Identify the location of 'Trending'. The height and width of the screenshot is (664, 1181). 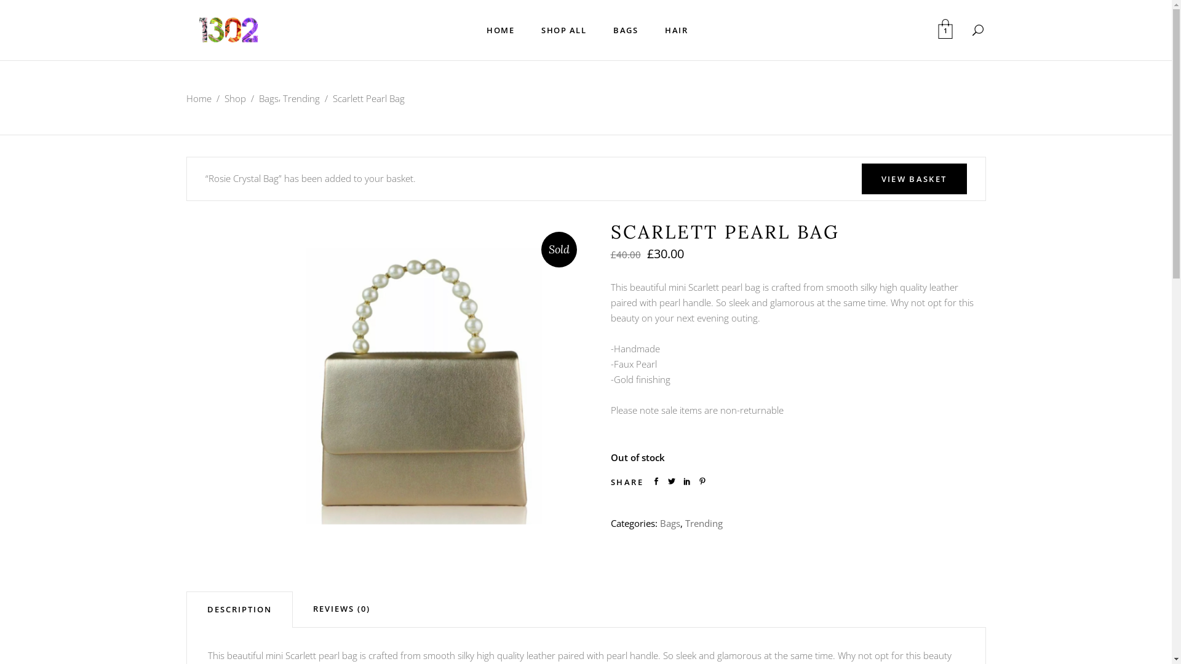
(282, 98).